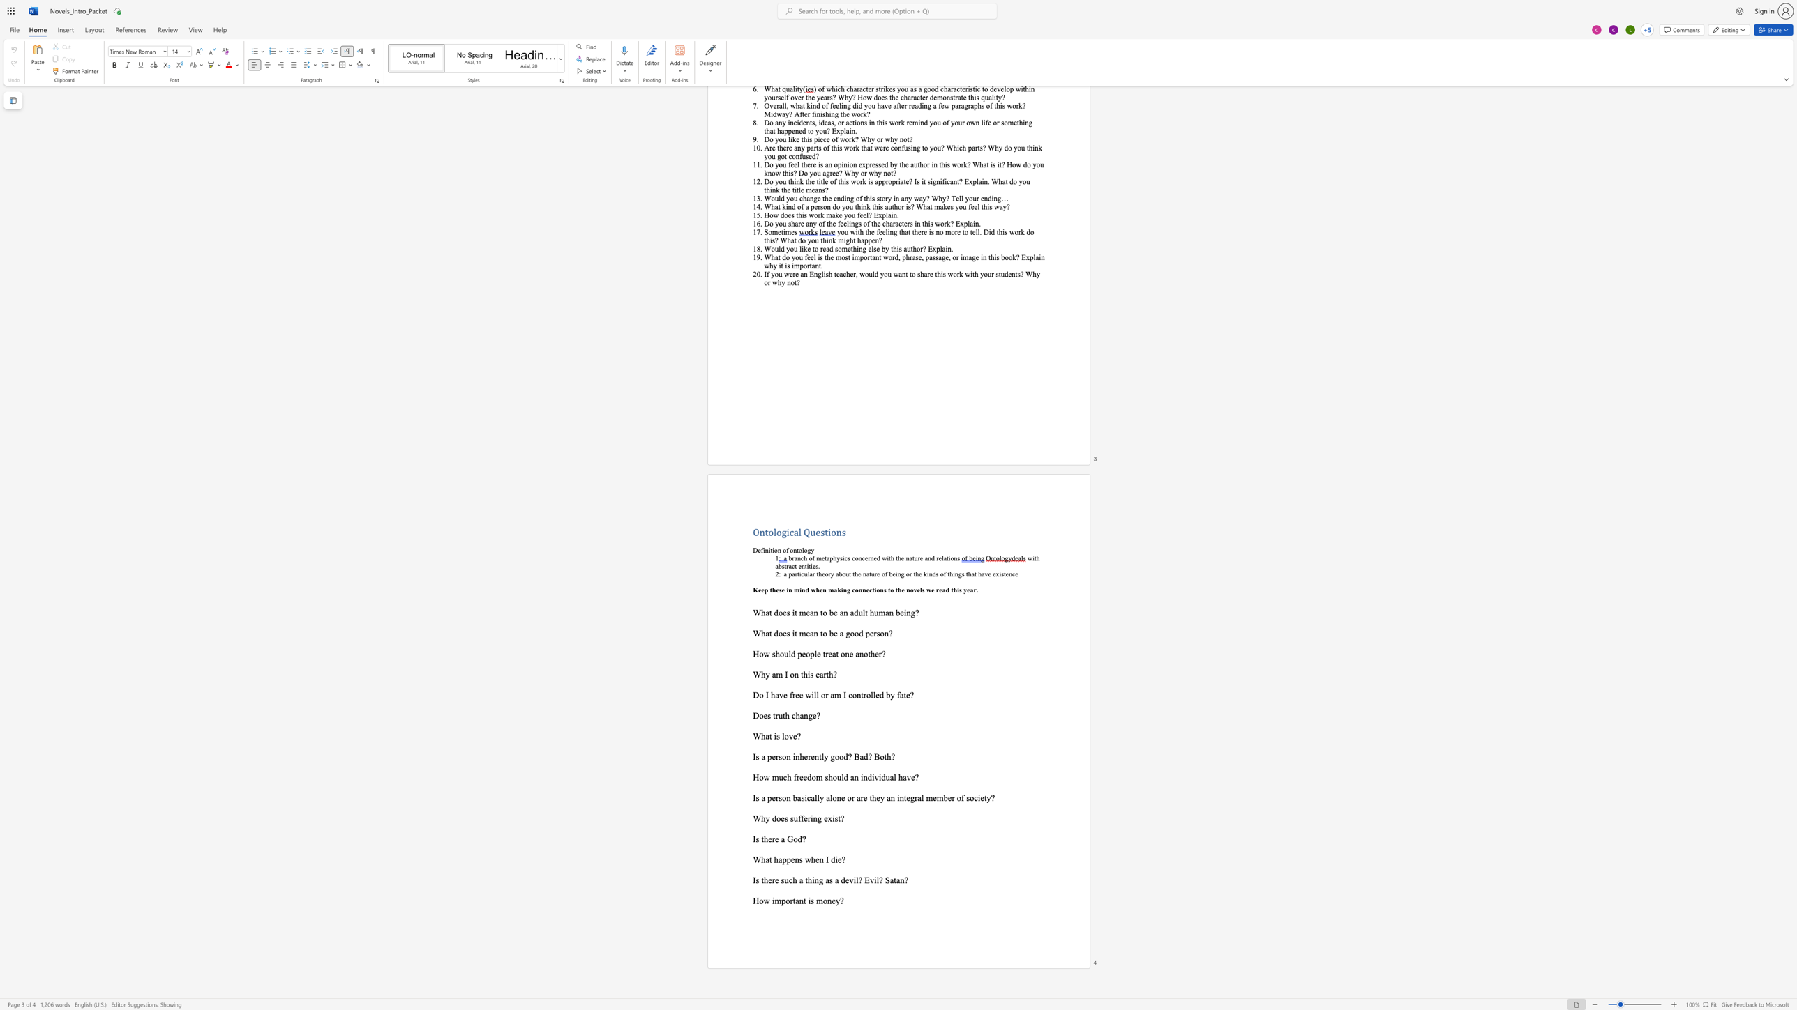 Image resolution: width=1797 pixels, height=1010 pixels. What do you see at coordinates (777, 839) in the screenshot?
I see `the 2th character "e" in the text` at bounding box center [777, 839].